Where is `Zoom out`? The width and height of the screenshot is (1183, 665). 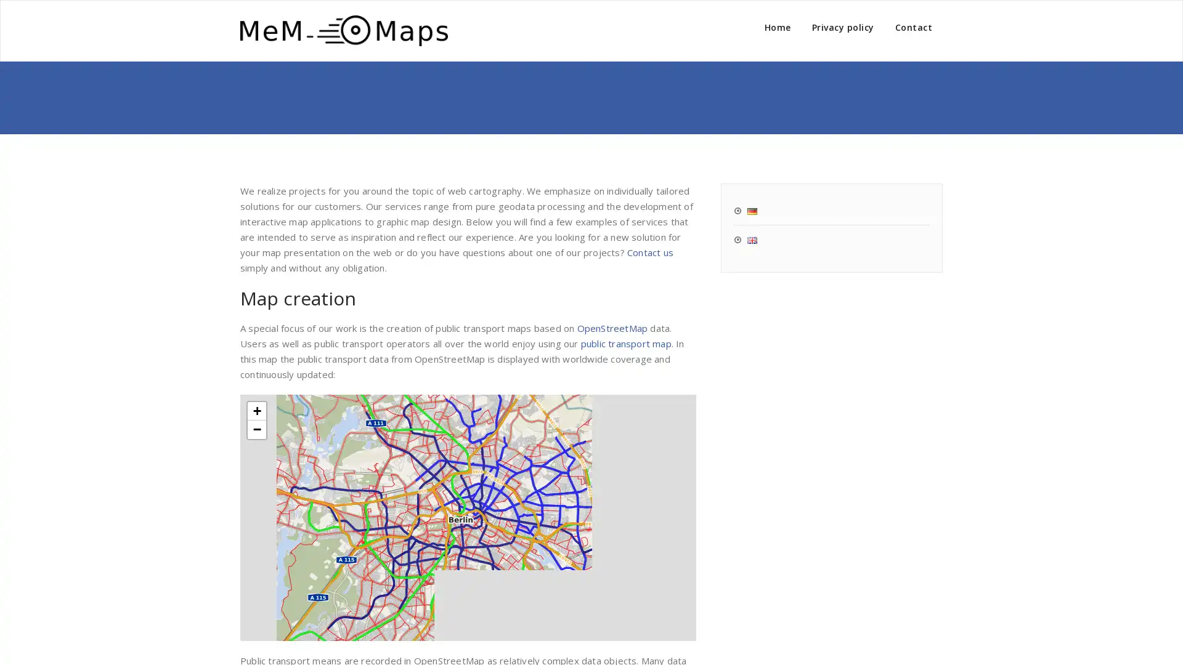
Zoom out is located at coordinates (256, 429).